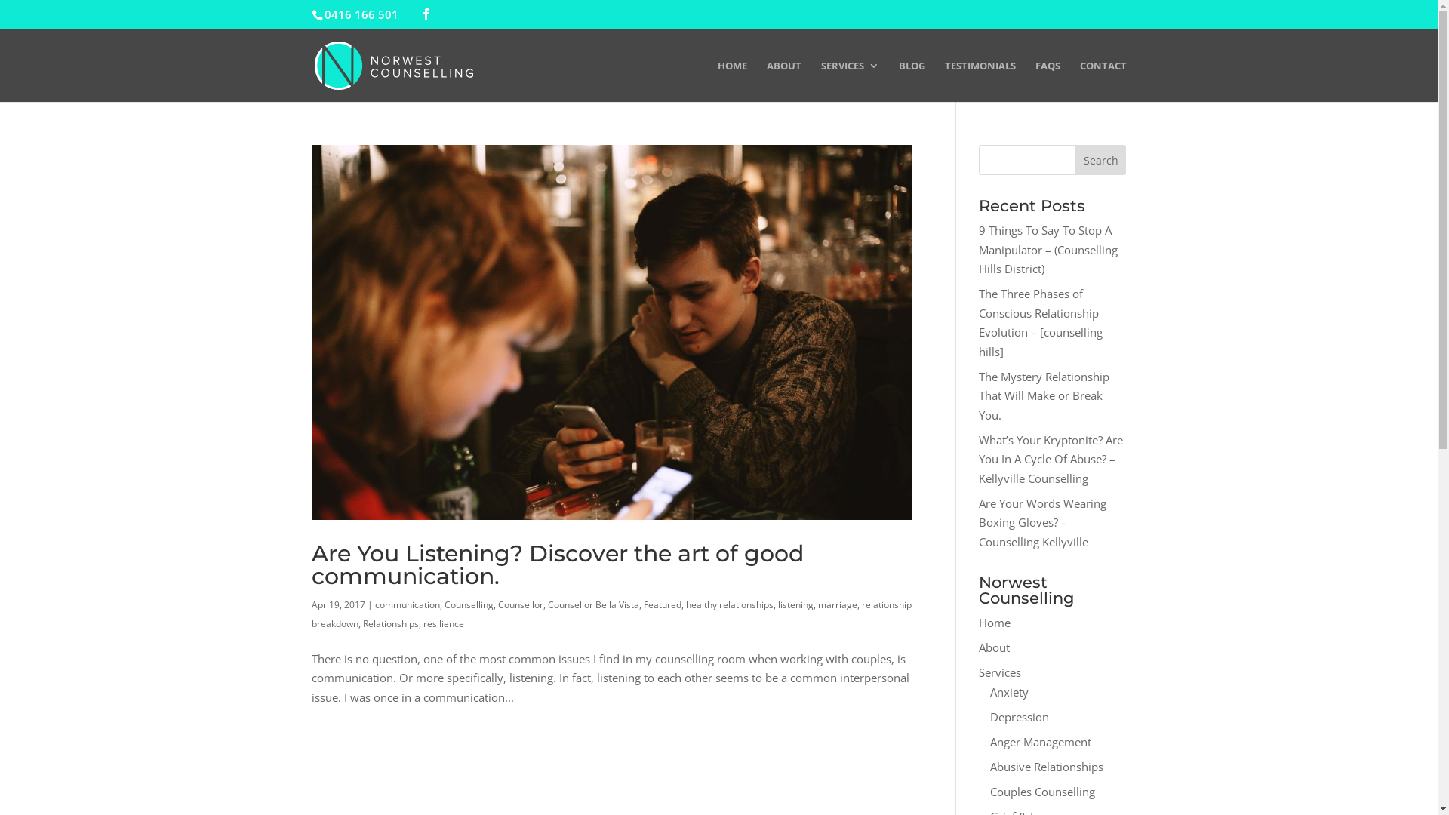 The image size is (1449, 815). Describe the element at coordinates (783, 81) in the screenshot. I see `'ABOUT'` at that location.